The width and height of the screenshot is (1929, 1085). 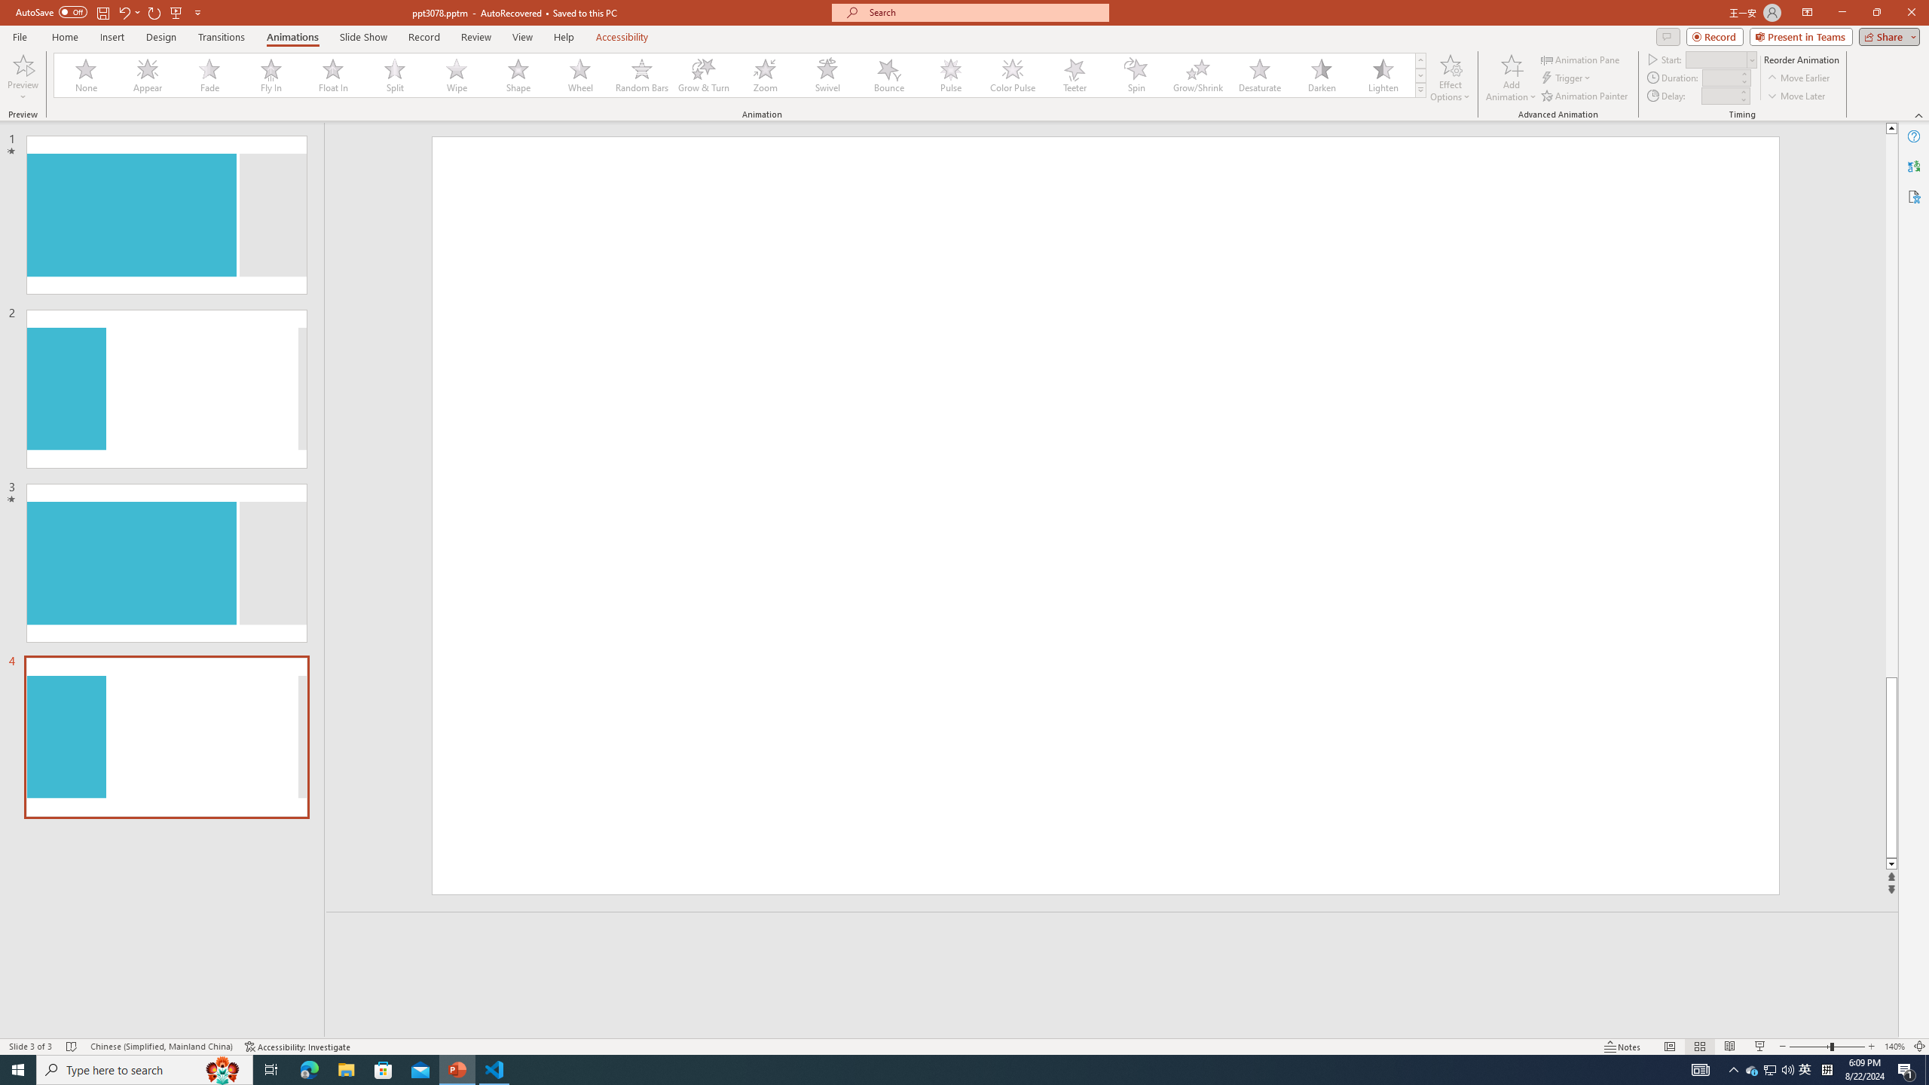 What do you see at coordinates (1073, 75) in the screenshot?
I see `'Teeter'` at bounding box center [1073, 75].